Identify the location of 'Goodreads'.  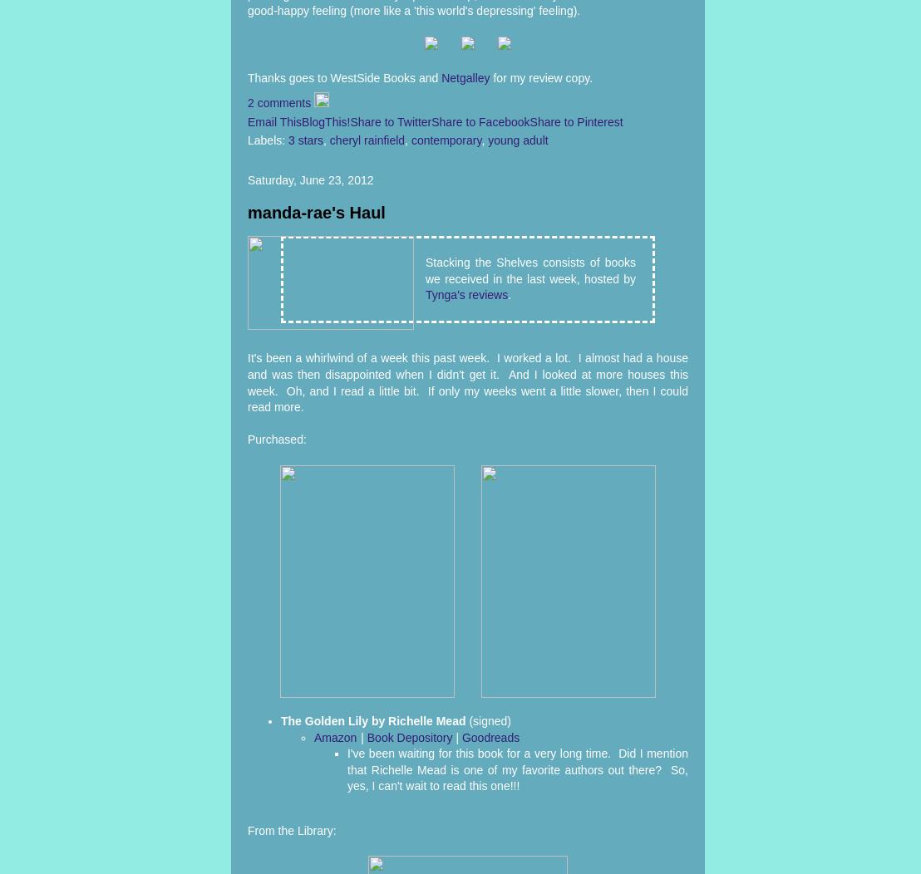
(460, 737).